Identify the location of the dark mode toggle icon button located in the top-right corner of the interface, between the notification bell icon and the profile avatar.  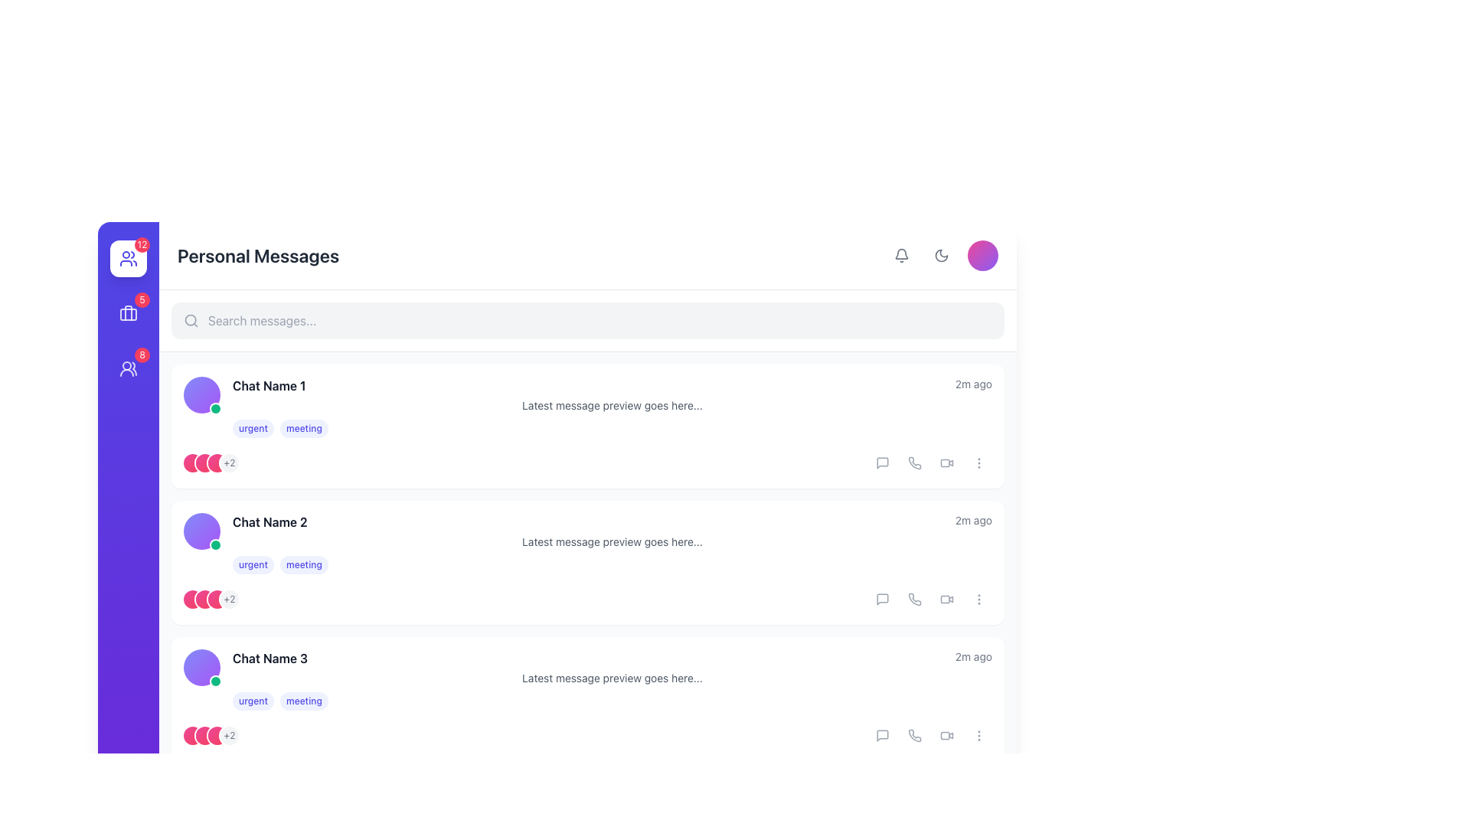
(940, 255).